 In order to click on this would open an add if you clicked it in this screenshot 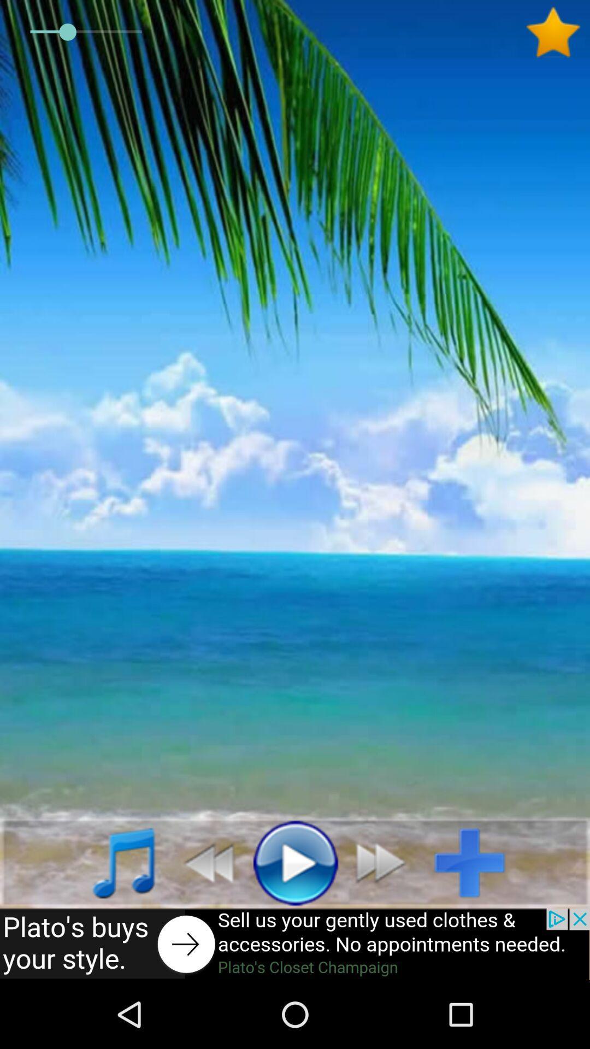, I will do `click(295, 944)`.